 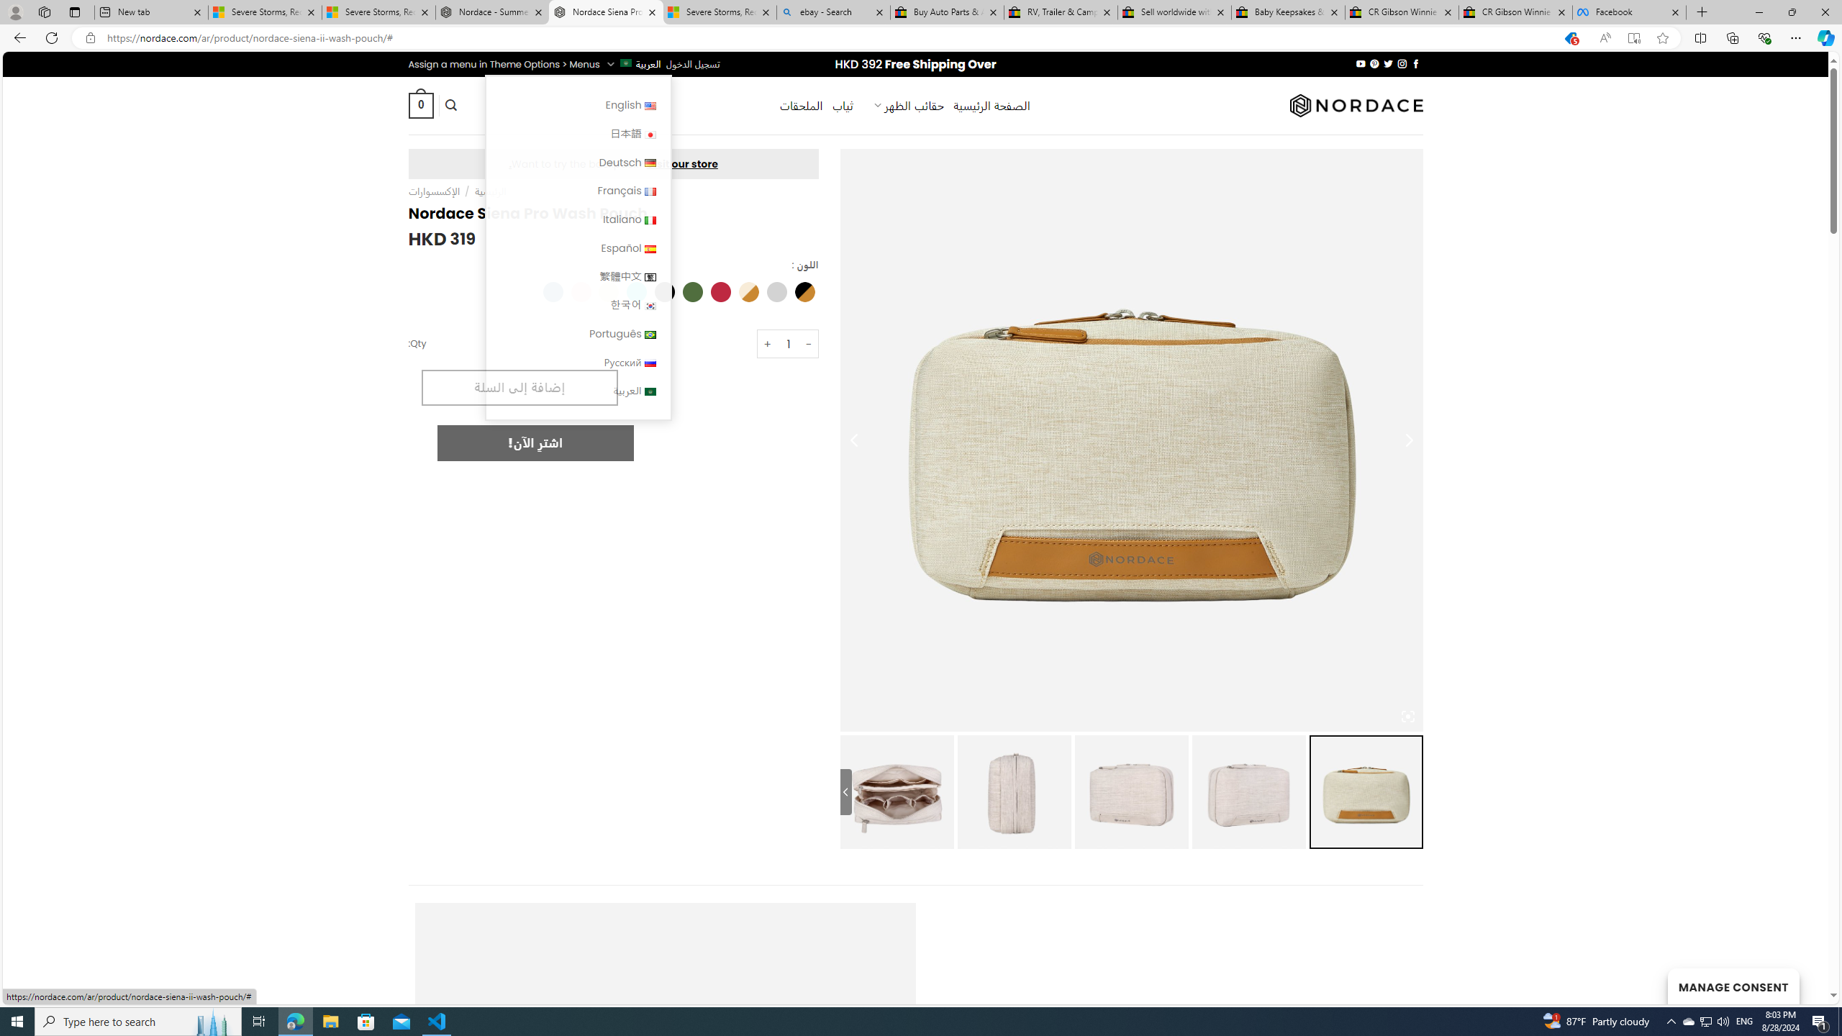 I want to click on 'New tab', so click(x=150, y=12).